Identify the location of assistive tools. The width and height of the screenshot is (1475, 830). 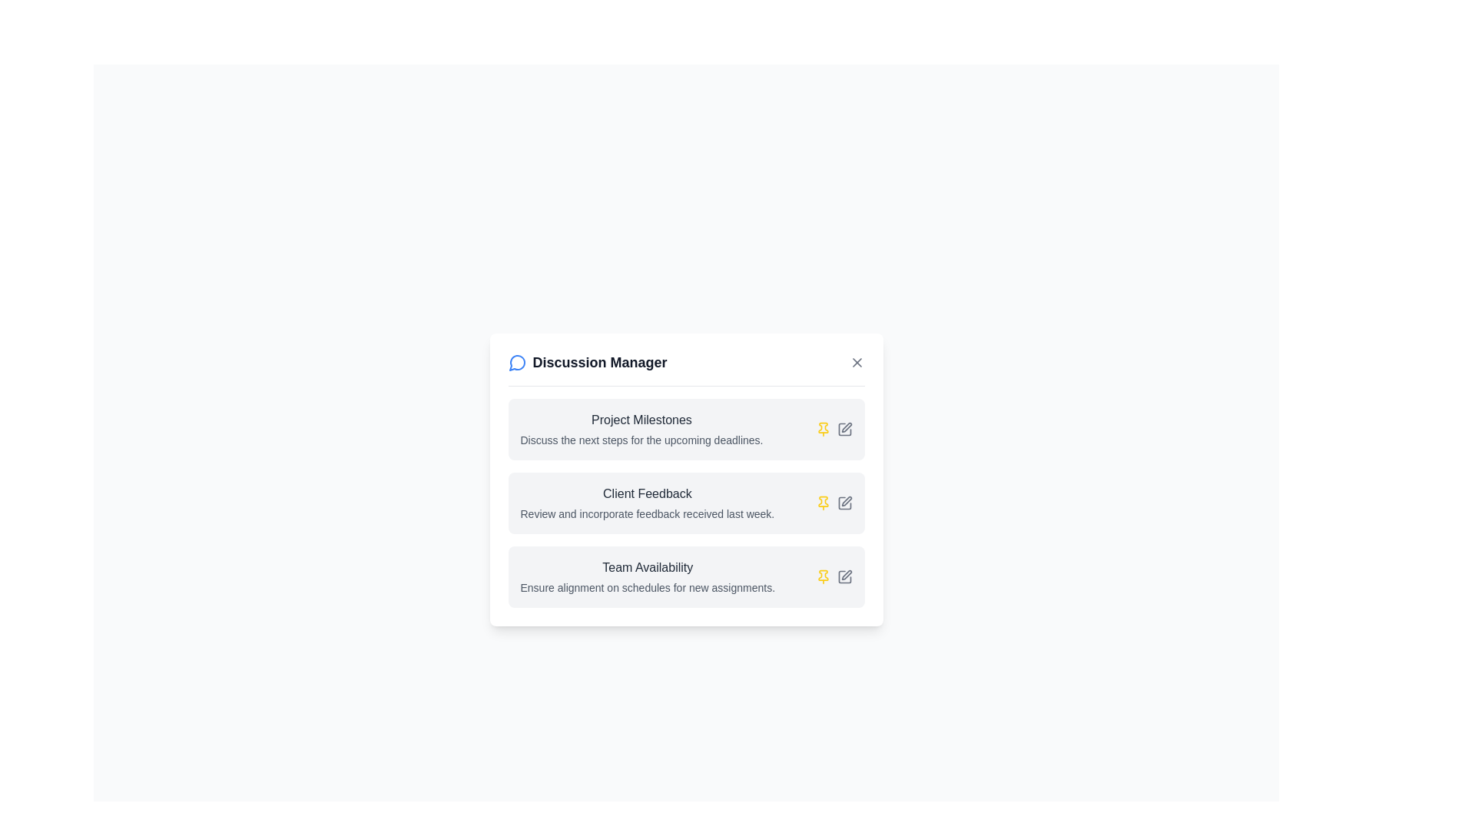
(647, 503).